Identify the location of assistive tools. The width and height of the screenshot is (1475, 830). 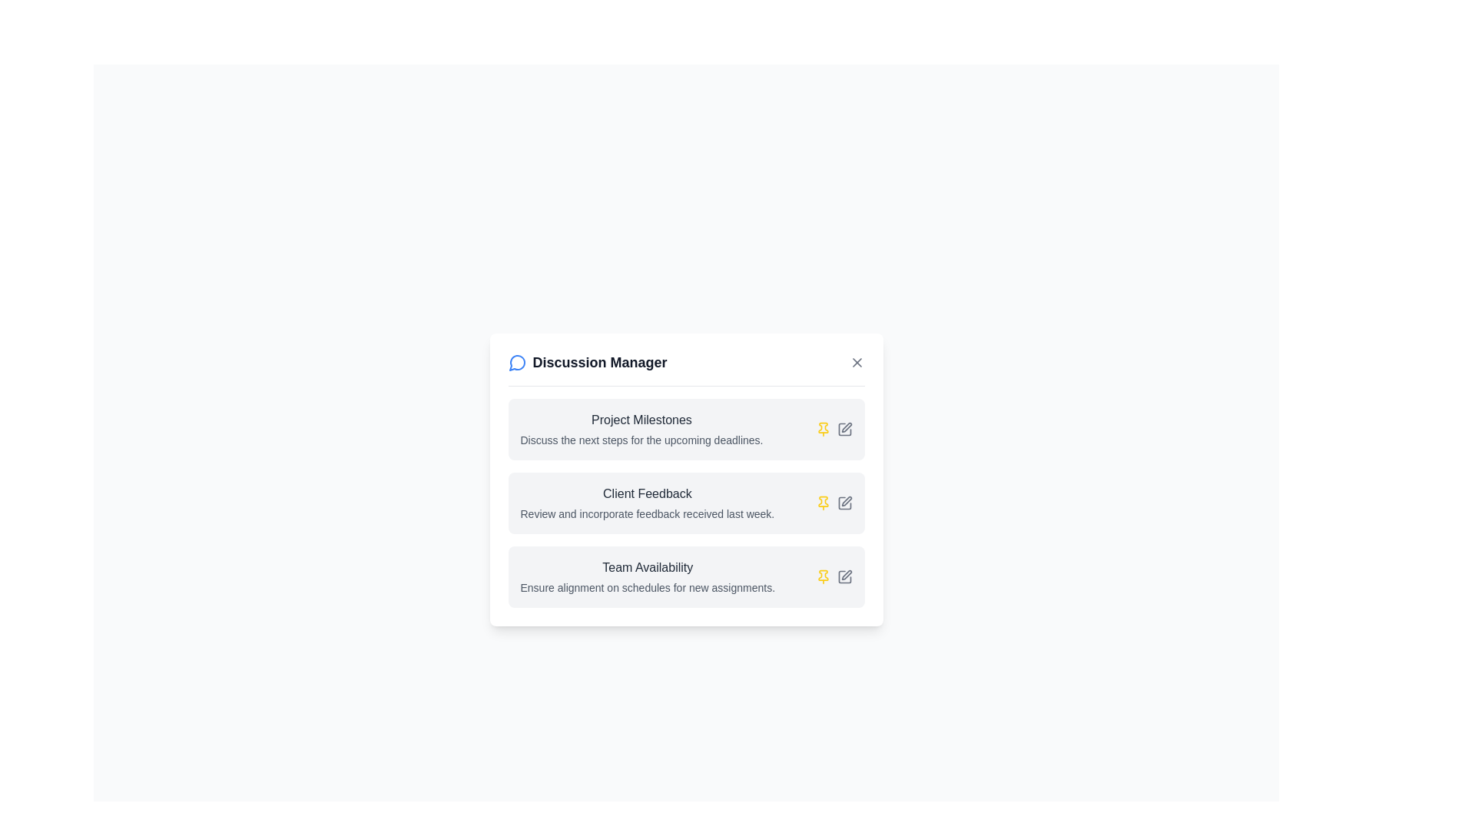
(647, 503).